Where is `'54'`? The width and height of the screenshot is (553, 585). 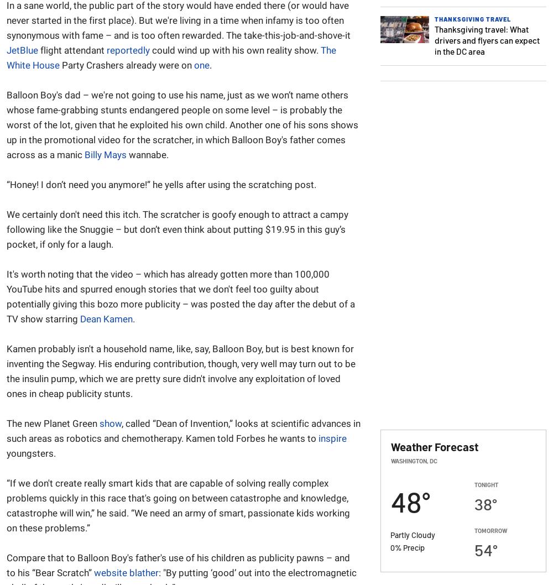
'54' is located at coordinates (483, 549).